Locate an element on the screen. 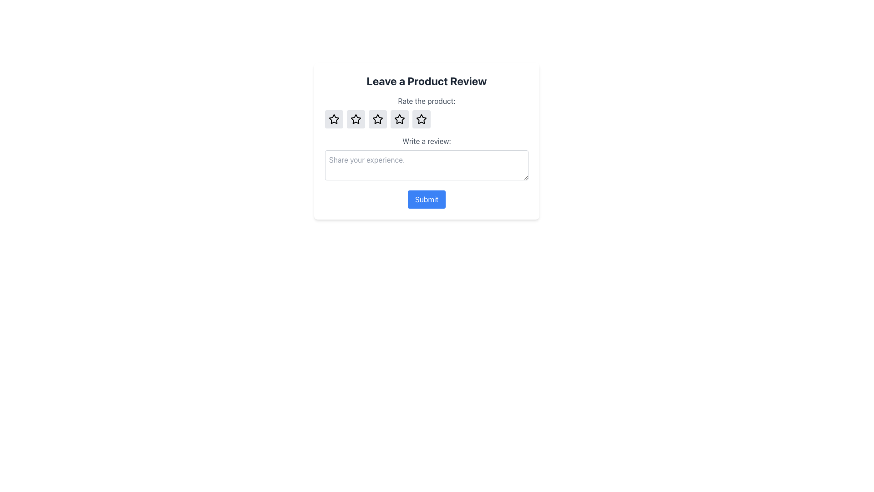 This screenshot has height=492, width=874. the third star icon in the horizontal row of star ratings is located at coordinates (400, 118).